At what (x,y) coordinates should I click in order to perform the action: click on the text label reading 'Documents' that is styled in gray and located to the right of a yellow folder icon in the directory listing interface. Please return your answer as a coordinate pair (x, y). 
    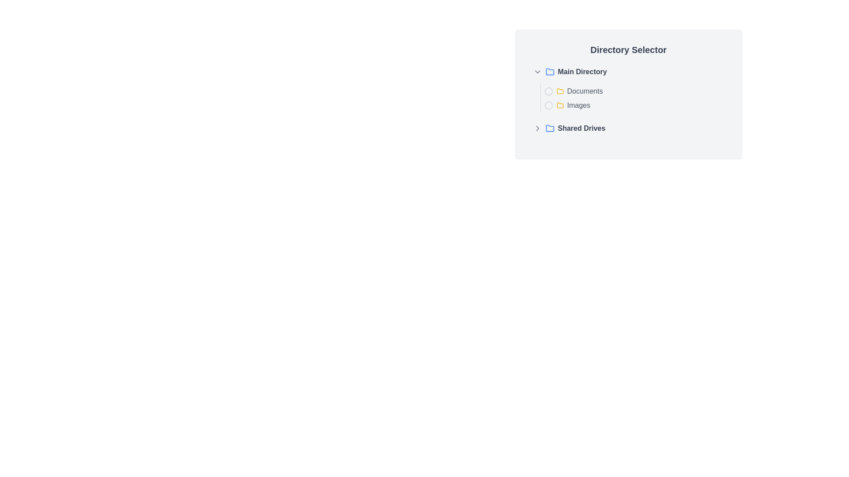
    Looking at the image, I should click on (585, 91).